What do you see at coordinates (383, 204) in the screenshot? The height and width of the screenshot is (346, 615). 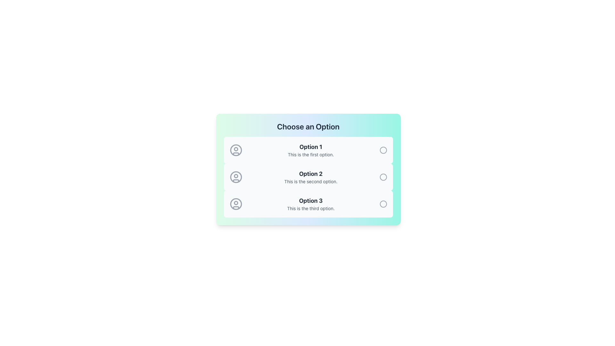 I see `the radio button for 'Option 3'` at bounding box center [383, 204].